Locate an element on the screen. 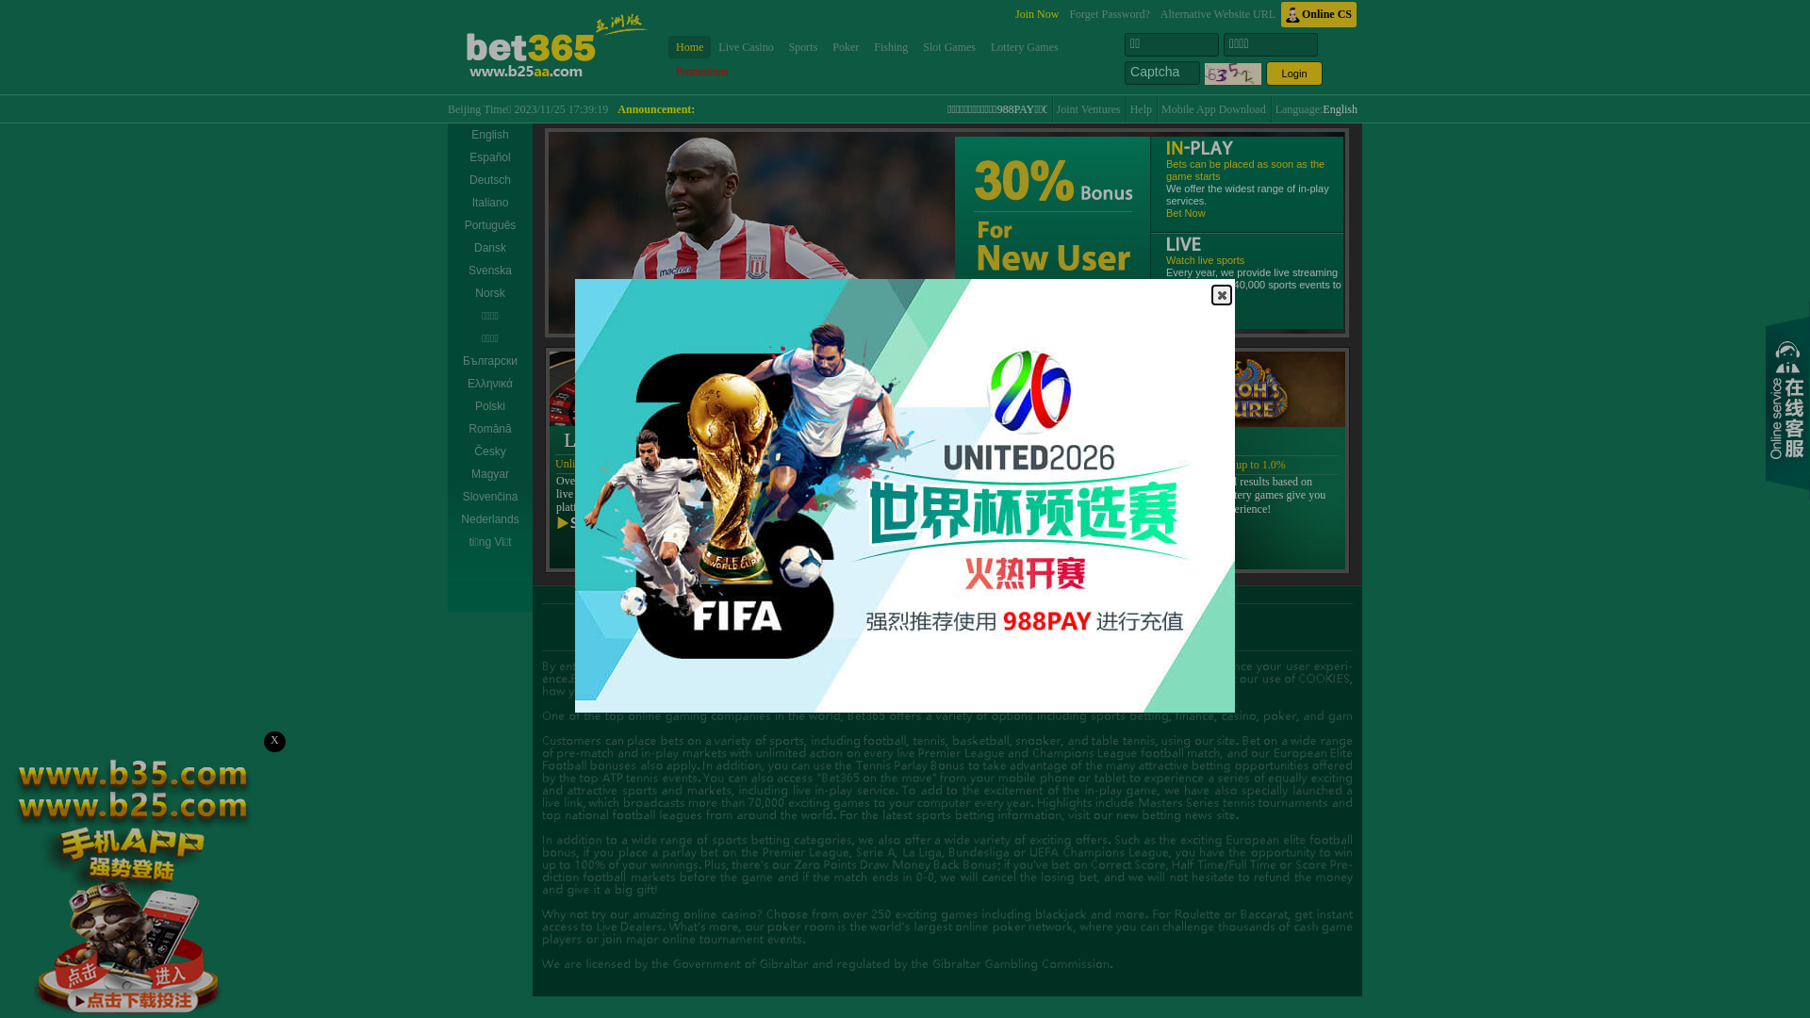 The width and height of the screenshot is (1810, 1018). 'Forget Password?' is located at coordinates (1109, 14).